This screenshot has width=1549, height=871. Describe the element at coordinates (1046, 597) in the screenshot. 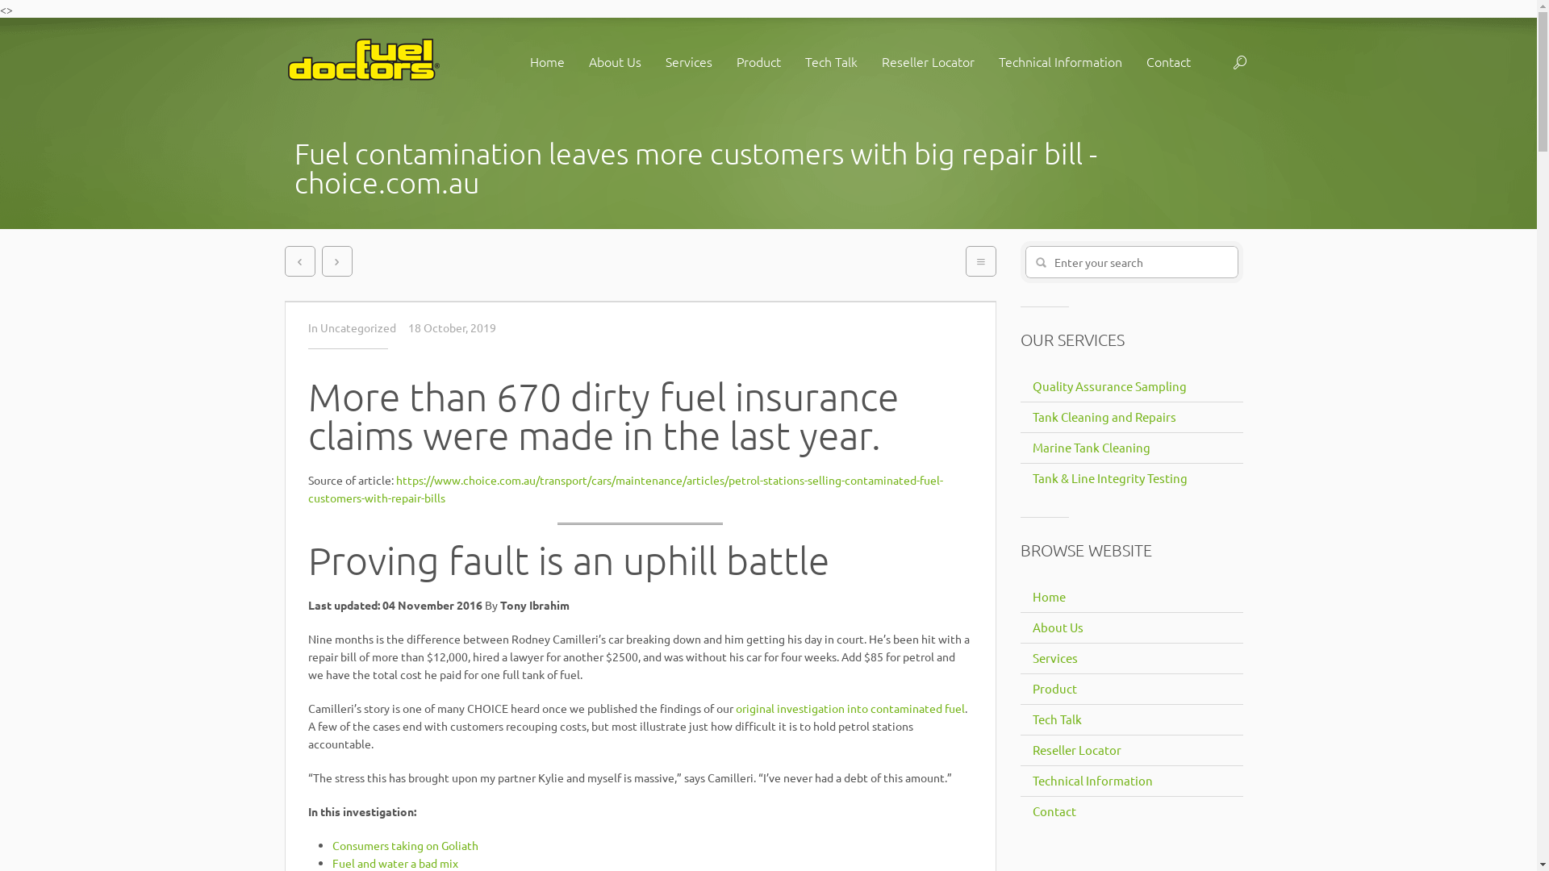

I see `'Home'` at that location.